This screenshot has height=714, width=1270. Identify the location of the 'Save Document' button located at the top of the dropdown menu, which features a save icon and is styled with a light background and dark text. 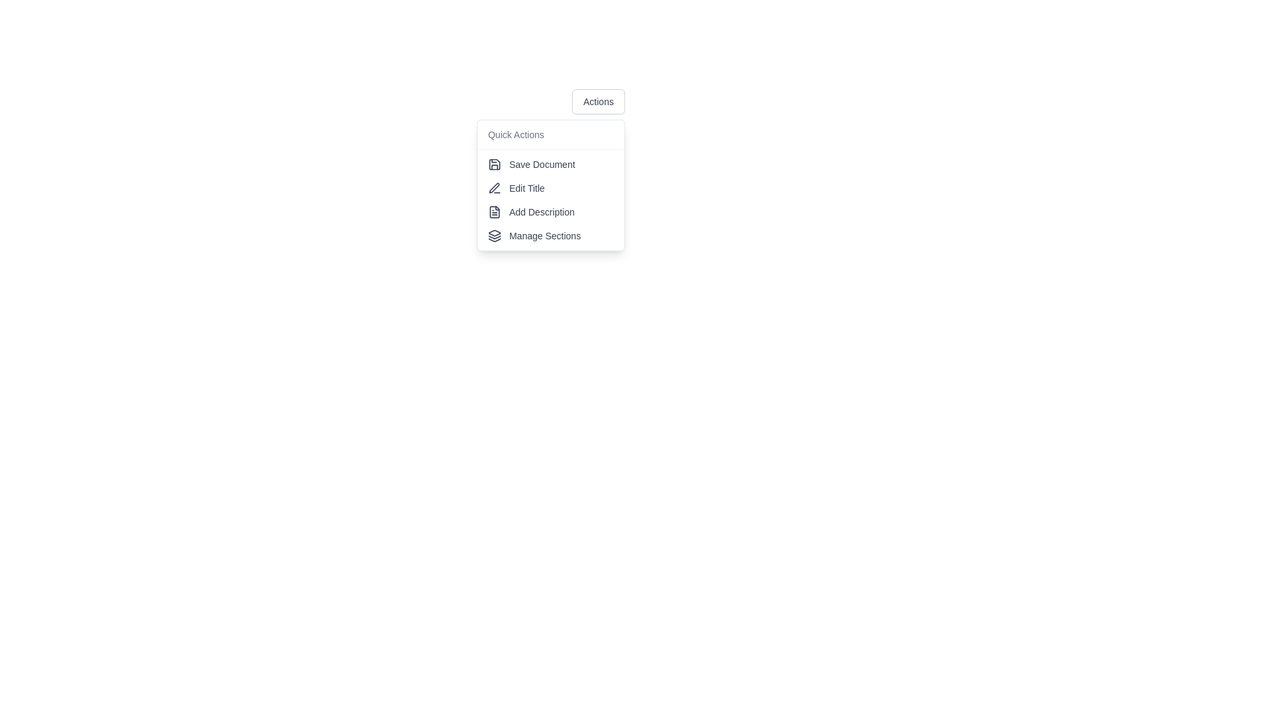
(550, 164).